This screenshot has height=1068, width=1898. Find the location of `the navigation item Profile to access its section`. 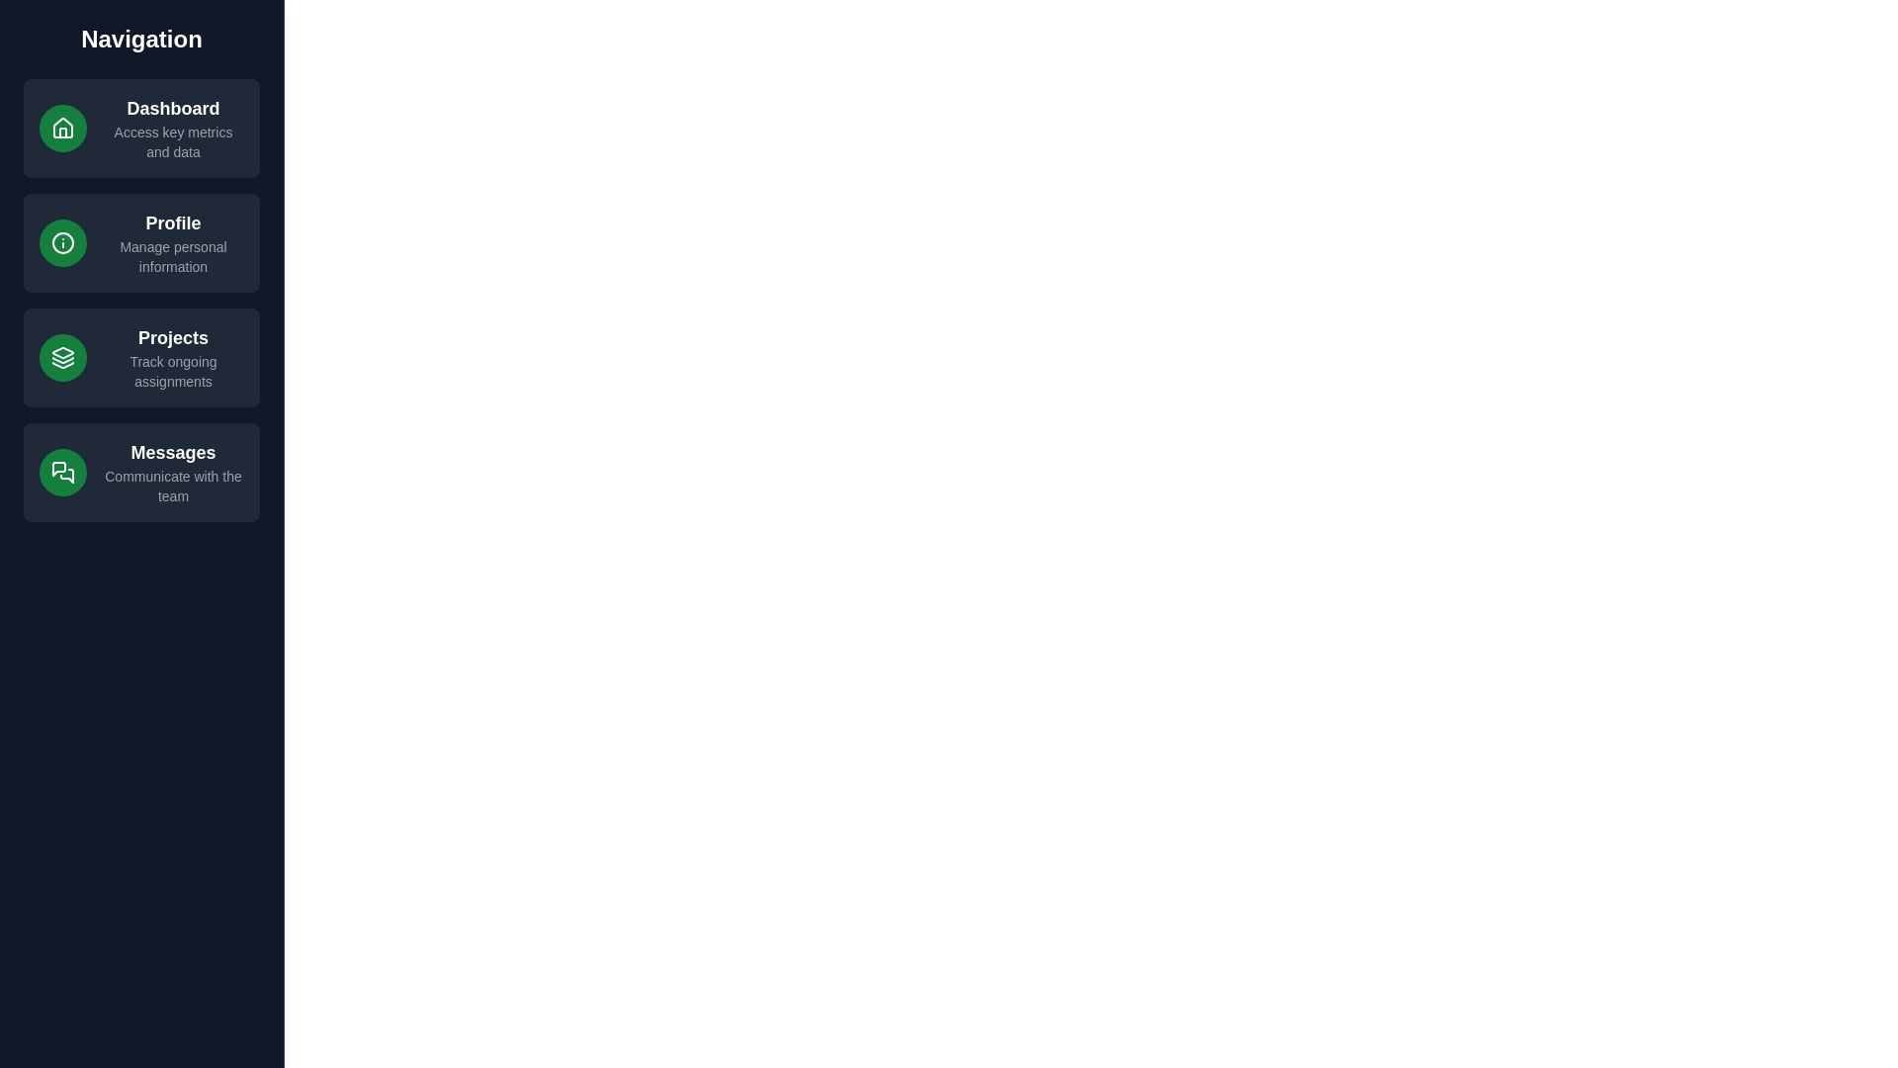

the navigation item Profile to access its section is located at coordinates (141, 242).